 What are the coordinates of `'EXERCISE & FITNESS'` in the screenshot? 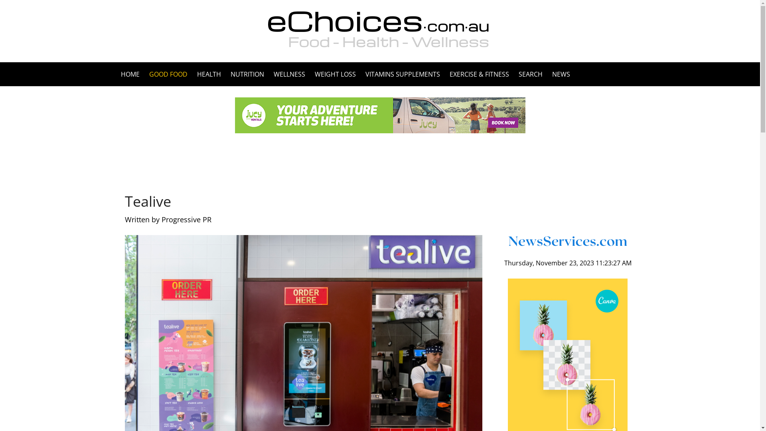 It's located at (444, 74).